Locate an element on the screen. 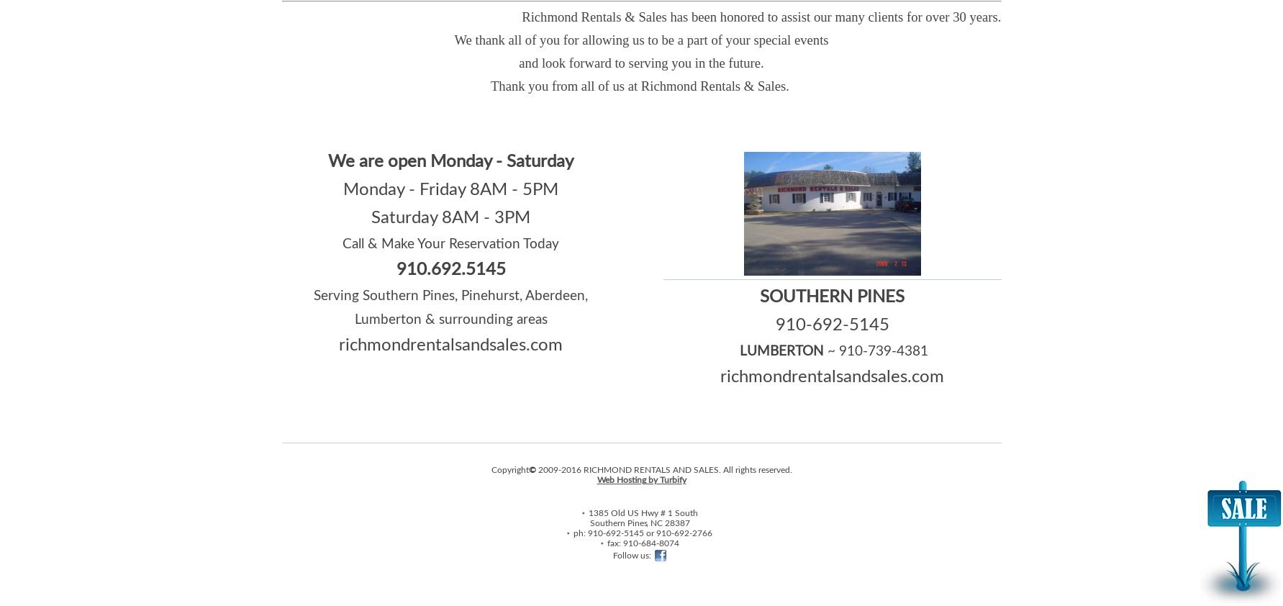 This screenshot has height=606, width=1283. 'Lumberton' is located at coordinates (388, 318).